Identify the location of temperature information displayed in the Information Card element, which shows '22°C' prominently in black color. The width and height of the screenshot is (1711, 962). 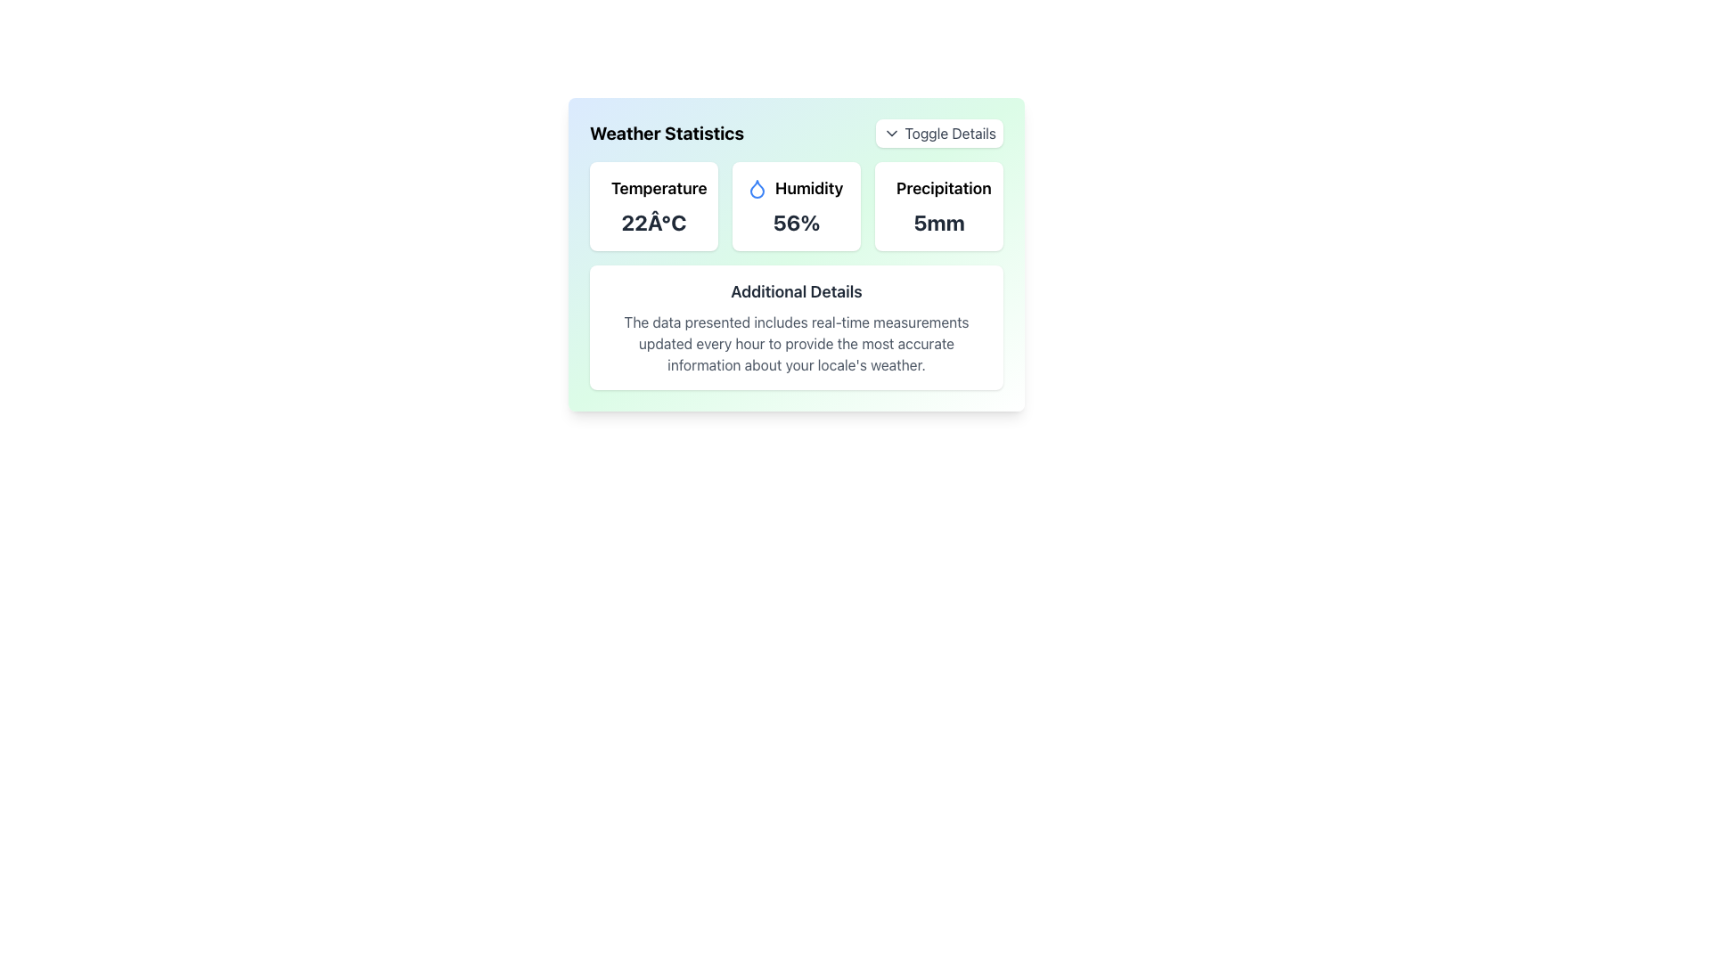
(653, 205).